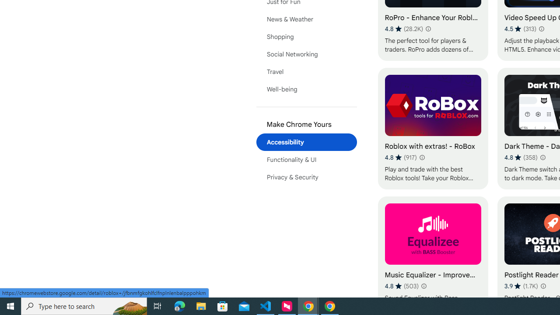 The image size is (560, 315). What do you see at coordinates (520, 28) in the screenshot?
I see `'Average rating 4.5 out of 5 stars. 313 ratings.'` at bounding box center [520, 28].